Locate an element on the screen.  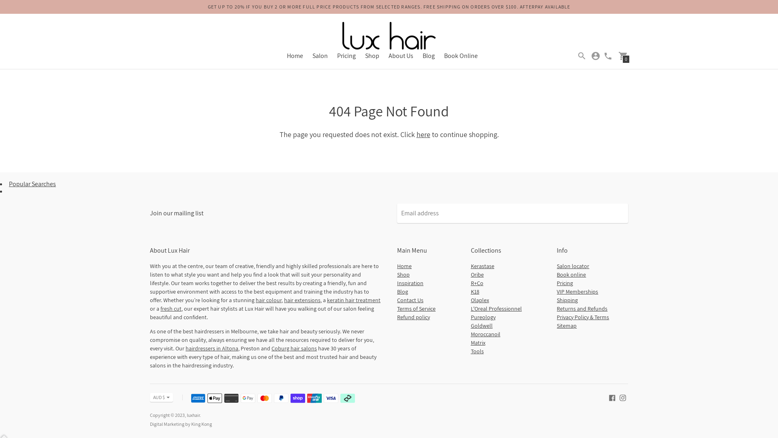
'Home' is located at coordinates (295, 55).